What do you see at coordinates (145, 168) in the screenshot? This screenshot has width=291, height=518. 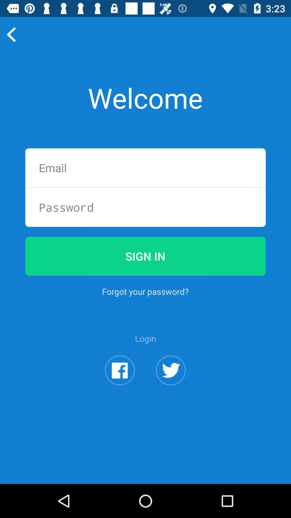 I see `text` at bounding box center [145, 168].